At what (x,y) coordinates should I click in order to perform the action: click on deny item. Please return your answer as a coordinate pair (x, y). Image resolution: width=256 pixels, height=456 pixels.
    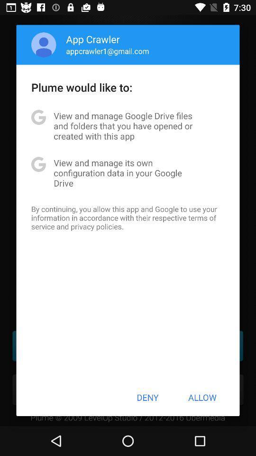
    Looking at the image, I should click on (147, 397).